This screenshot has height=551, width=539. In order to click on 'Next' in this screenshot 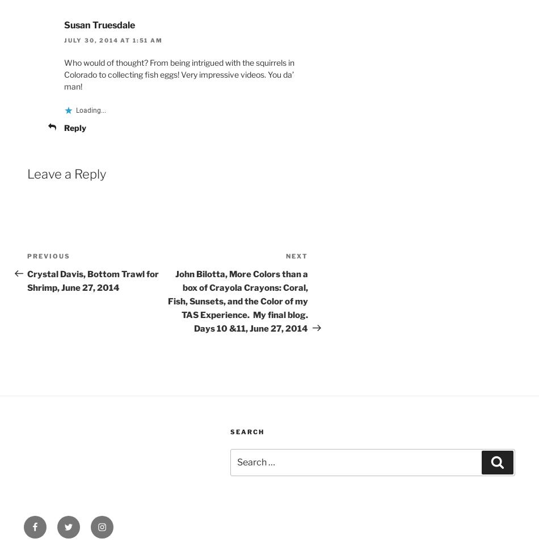, I will do `click(297, 255)`.